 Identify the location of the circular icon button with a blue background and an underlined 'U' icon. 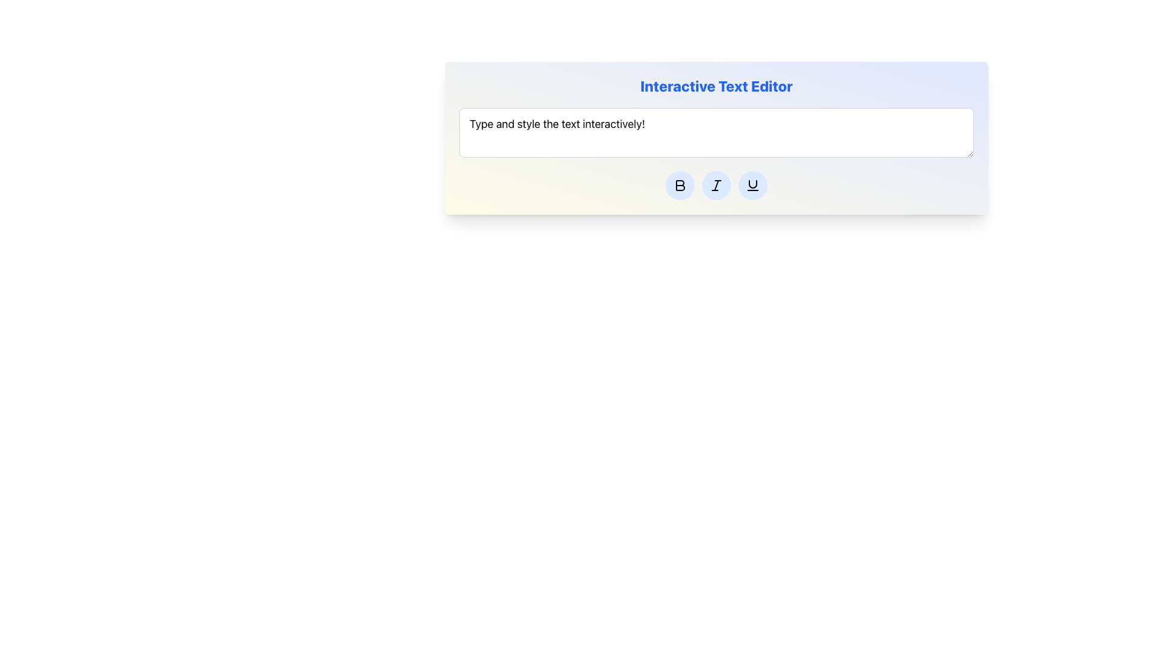
(752, 185).